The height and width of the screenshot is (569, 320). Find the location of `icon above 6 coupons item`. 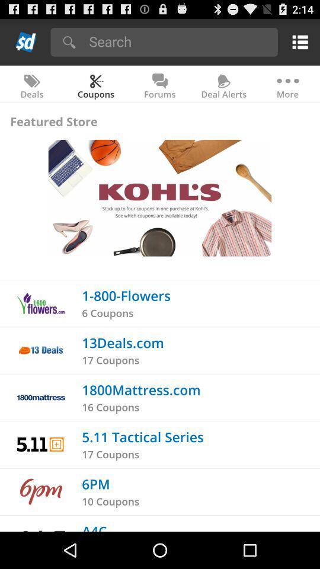

icon above 6 coupons item is located at coordinates (126, 295).